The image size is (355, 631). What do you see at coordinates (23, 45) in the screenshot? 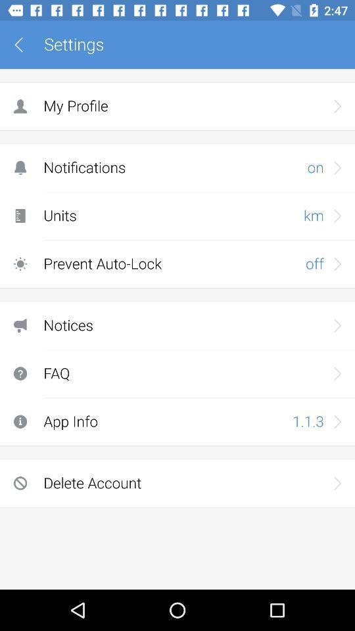
I see `app to the left of settings` at bounding box center [23, 45].